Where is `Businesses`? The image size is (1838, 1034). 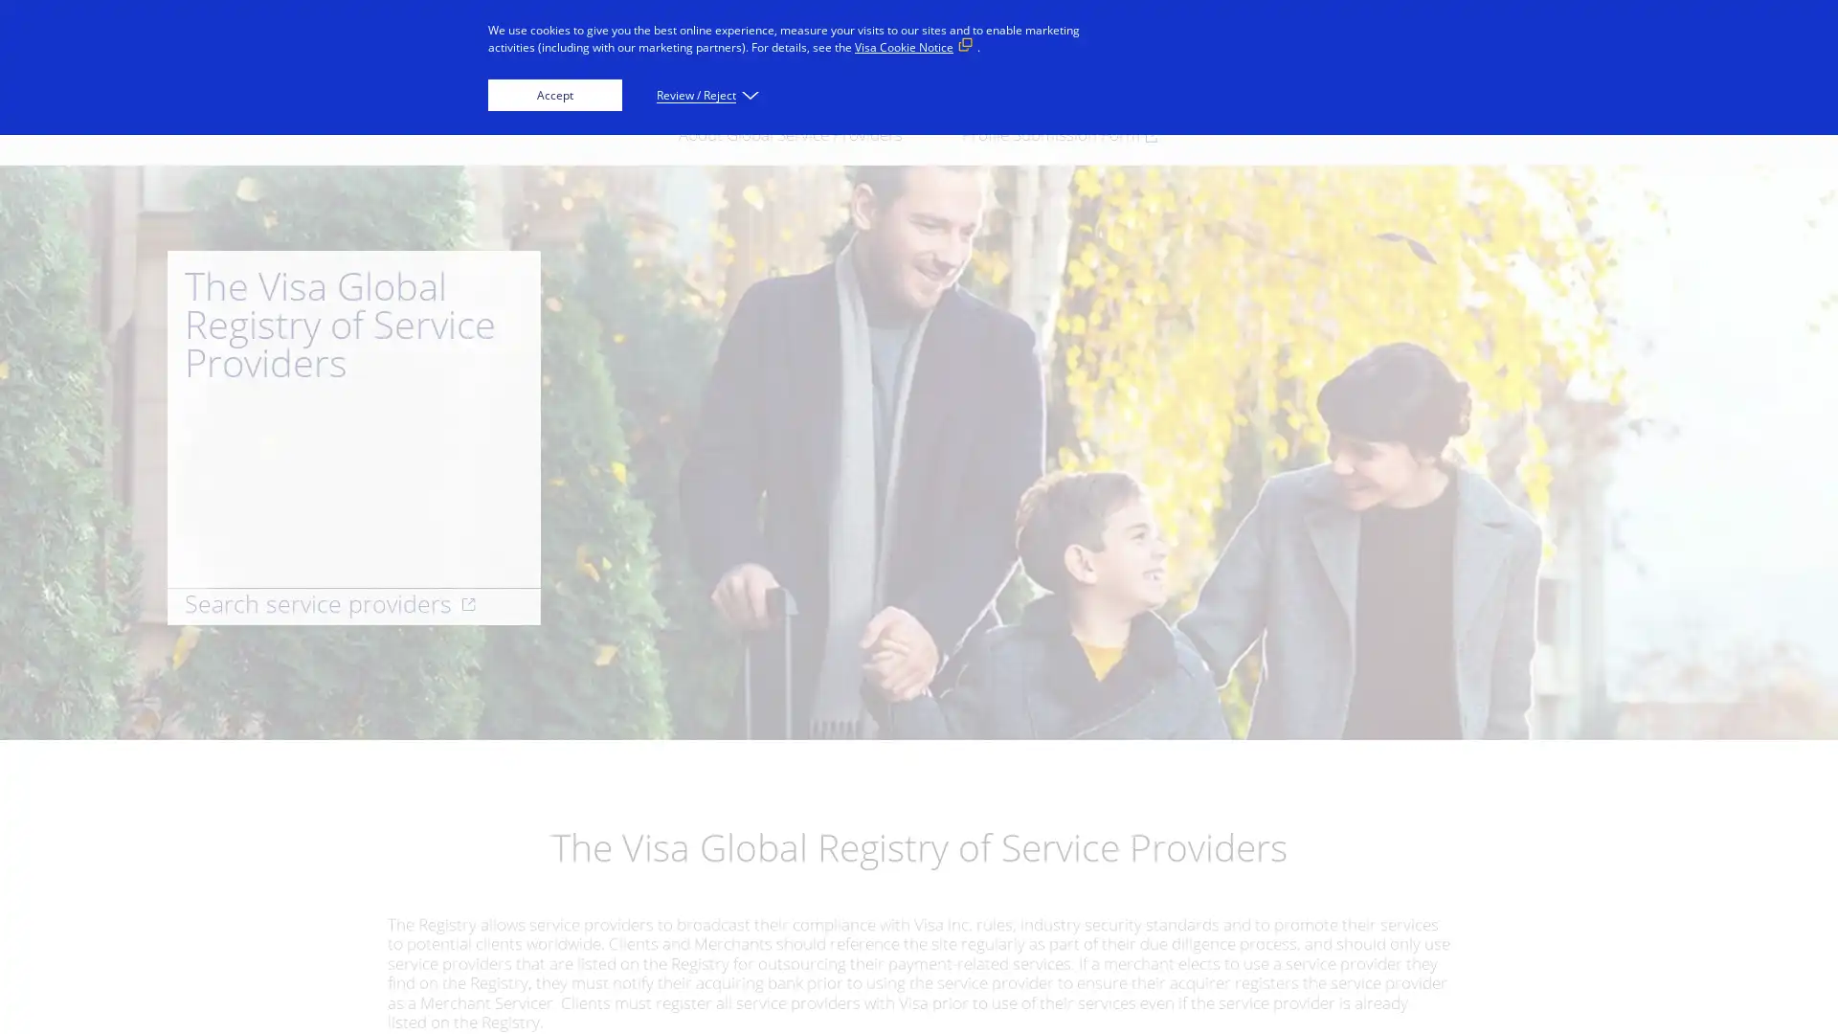
Businesses is located at coordinates (901, 51).